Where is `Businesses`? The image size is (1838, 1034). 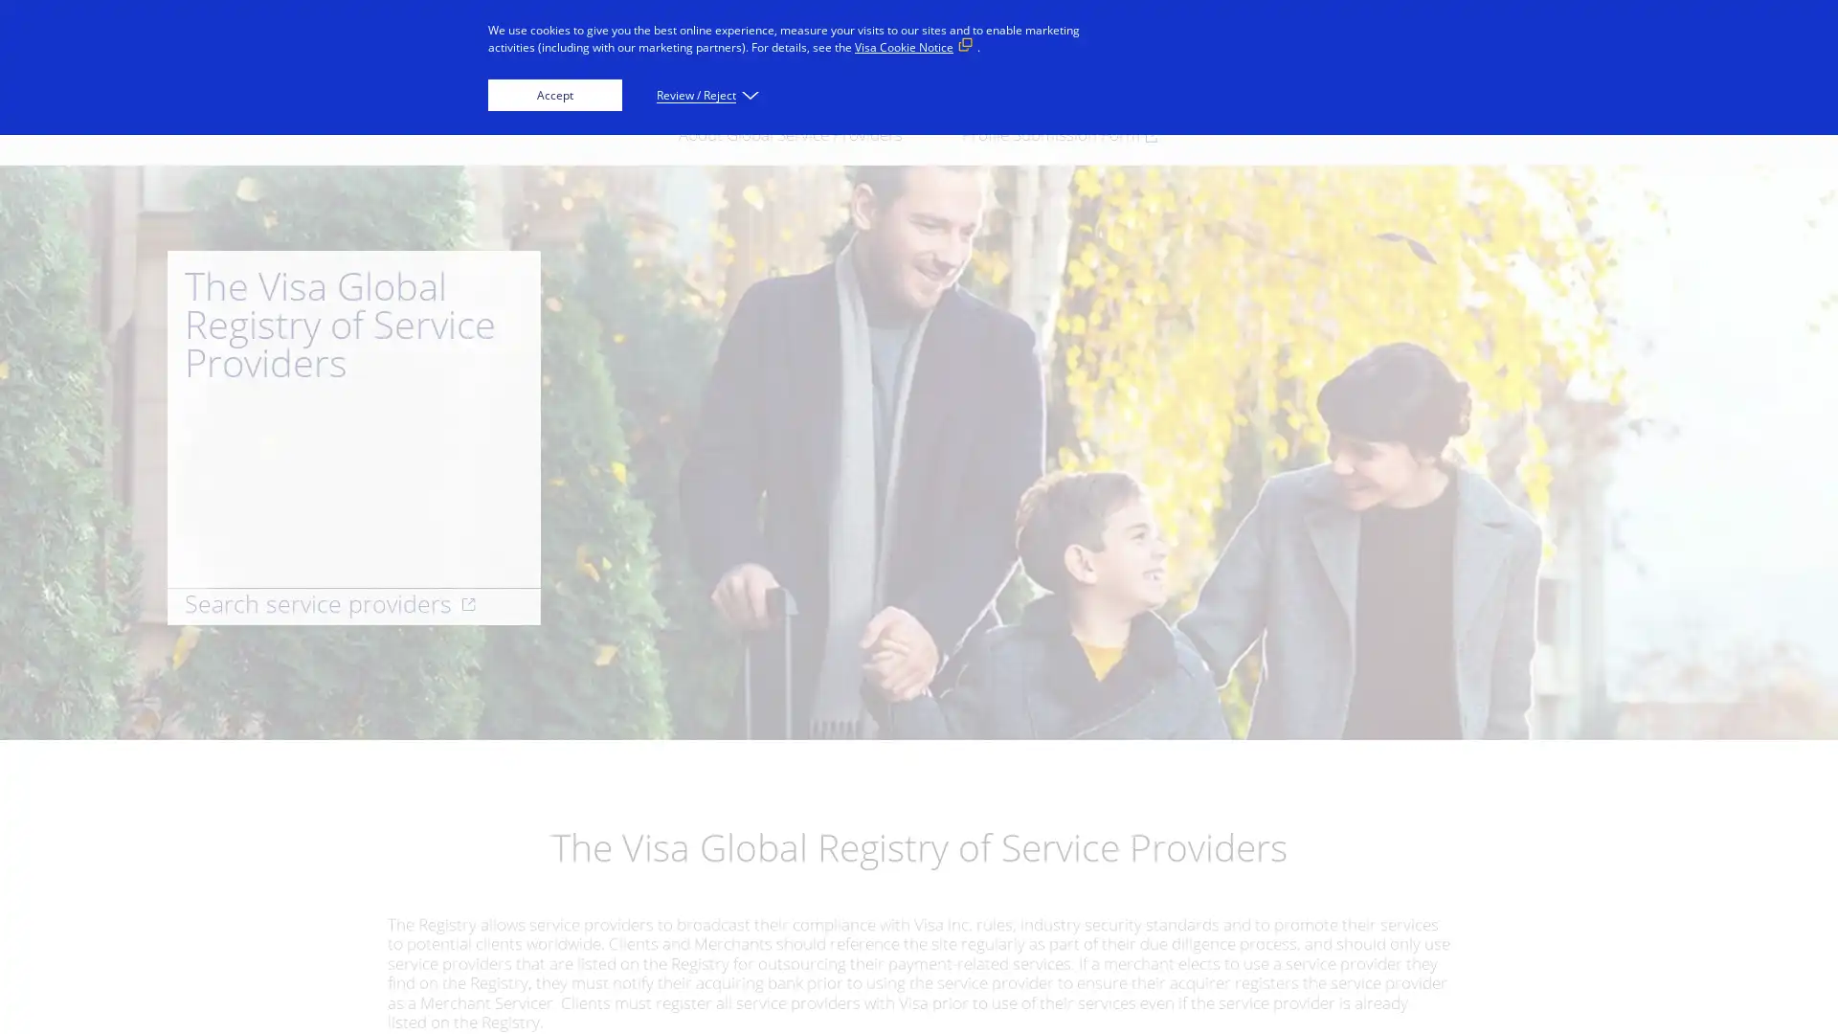
Businesses is located at coordinates (901, 51).